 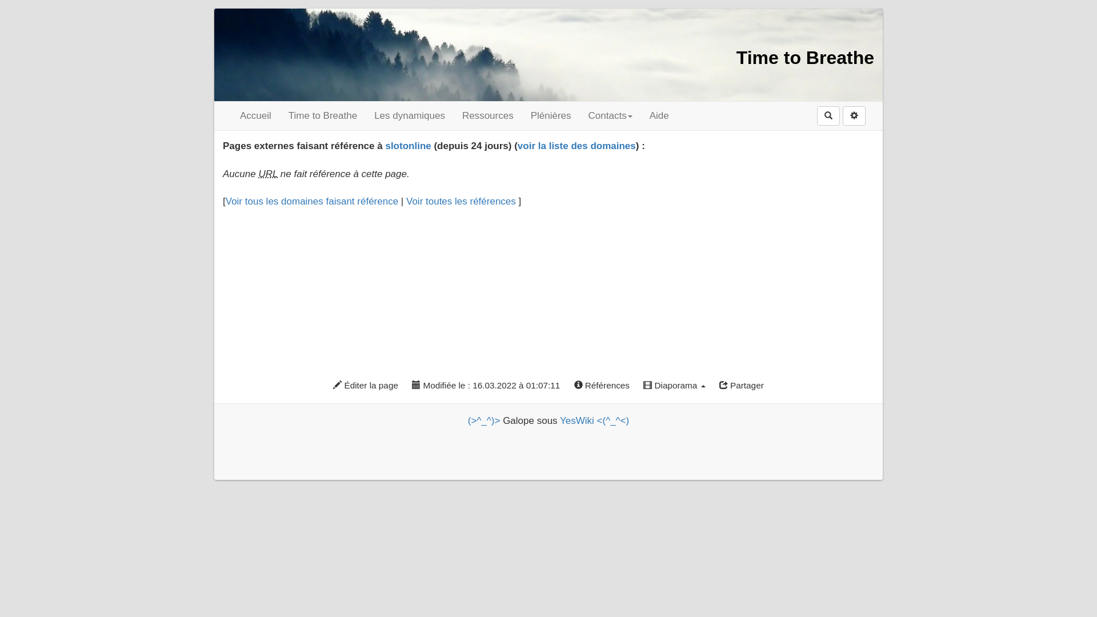 What do you see at coordinates (488, 116) in the screenshot?
I see `'Ressources'` at bounding box center [488, 116].